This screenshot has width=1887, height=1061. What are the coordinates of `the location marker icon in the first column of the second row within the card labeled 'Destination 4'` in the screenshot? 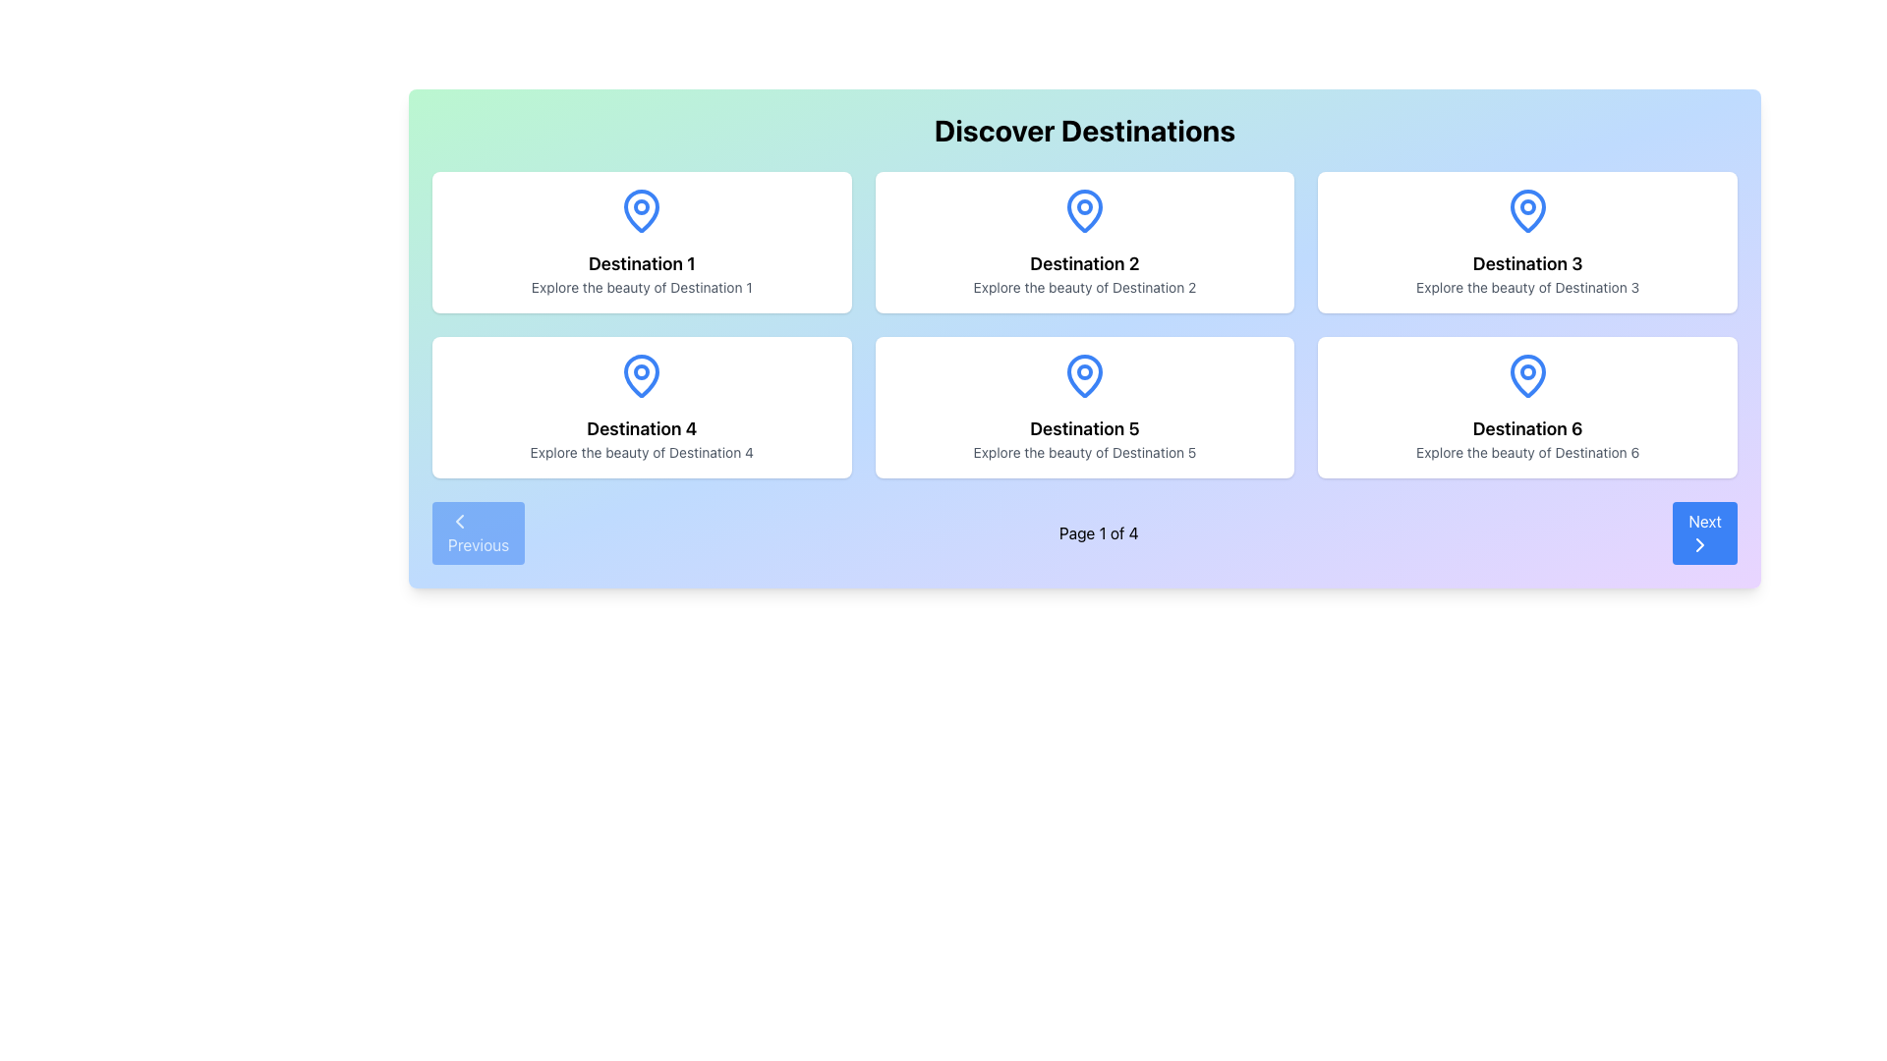 It's located at (642, 375).